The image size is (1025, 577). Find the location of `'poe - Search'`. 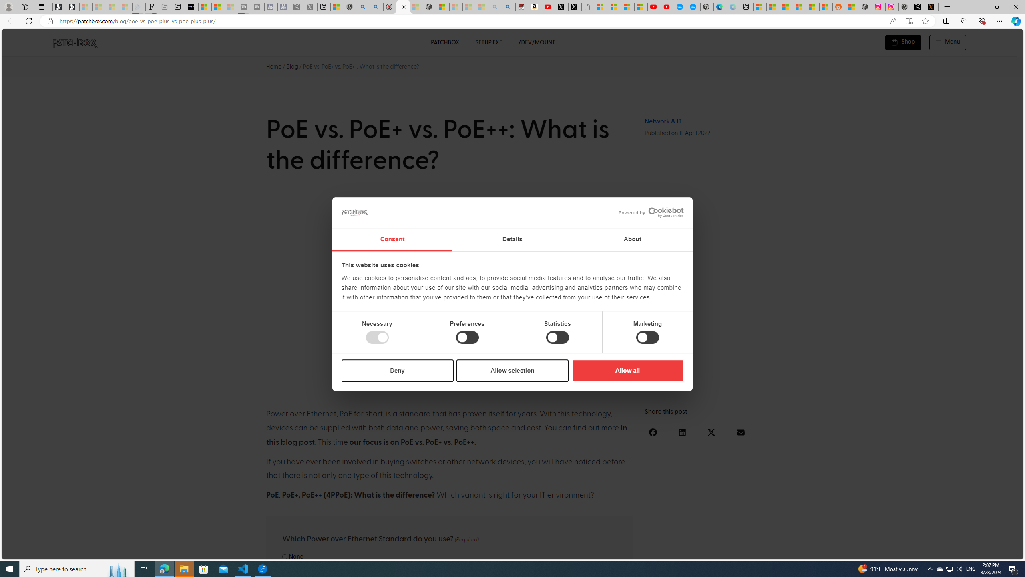

'poe - Search' is located at coordinates (363, 6).